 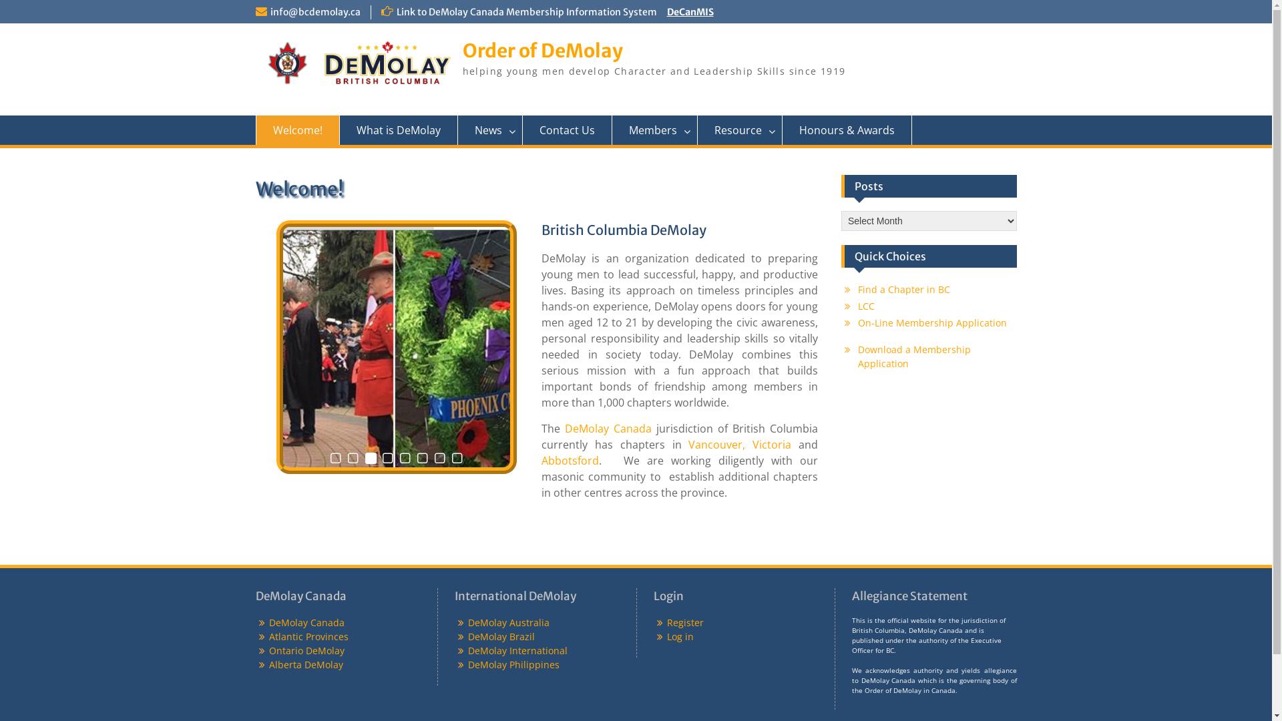 What do you see at coordinates (684, 622) in the screenshot?
I see `'Register'` at bounding box center [684, 622].